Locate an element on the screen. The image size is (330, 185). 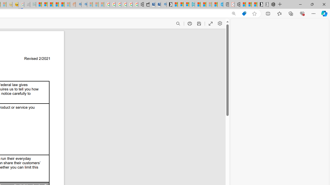
'Utah sues federal government - Search' is located at coordinates (84, 4).